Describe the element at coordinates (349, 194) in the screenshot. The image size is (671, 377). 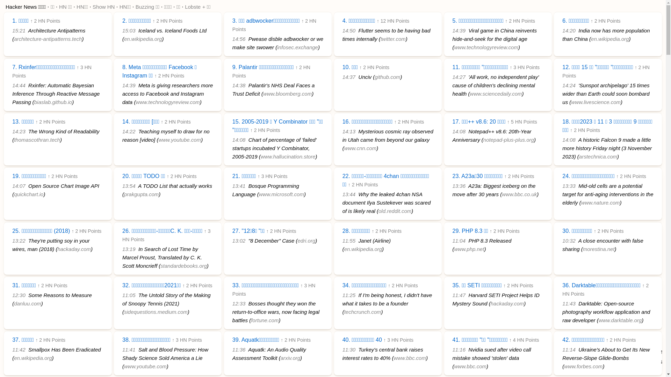
I see `'13:44'` at that location.